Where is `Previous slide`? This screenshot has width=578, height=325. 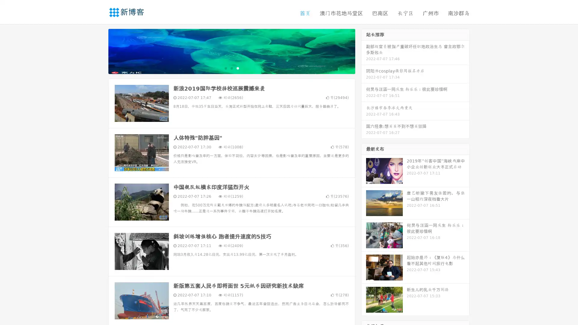 Previous slide is located at coordinates (99, 51).